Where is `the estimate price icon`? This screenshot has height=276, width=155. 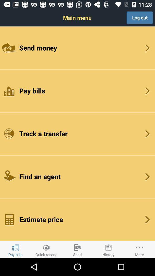 the estimate price icon is located at coordinates (77, 219).